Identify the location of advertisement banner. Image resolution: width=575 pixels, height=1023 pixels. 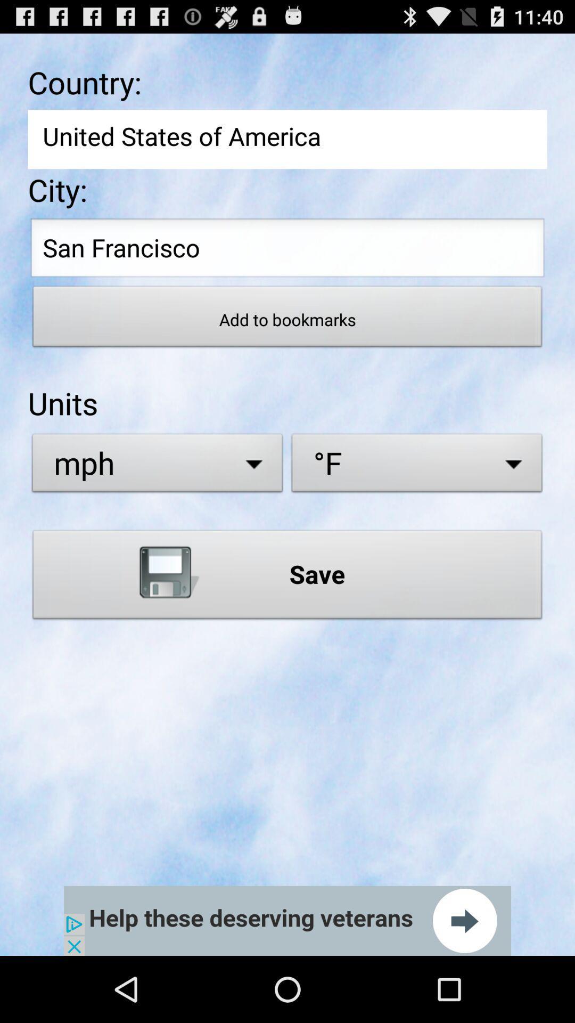
(287, 920).